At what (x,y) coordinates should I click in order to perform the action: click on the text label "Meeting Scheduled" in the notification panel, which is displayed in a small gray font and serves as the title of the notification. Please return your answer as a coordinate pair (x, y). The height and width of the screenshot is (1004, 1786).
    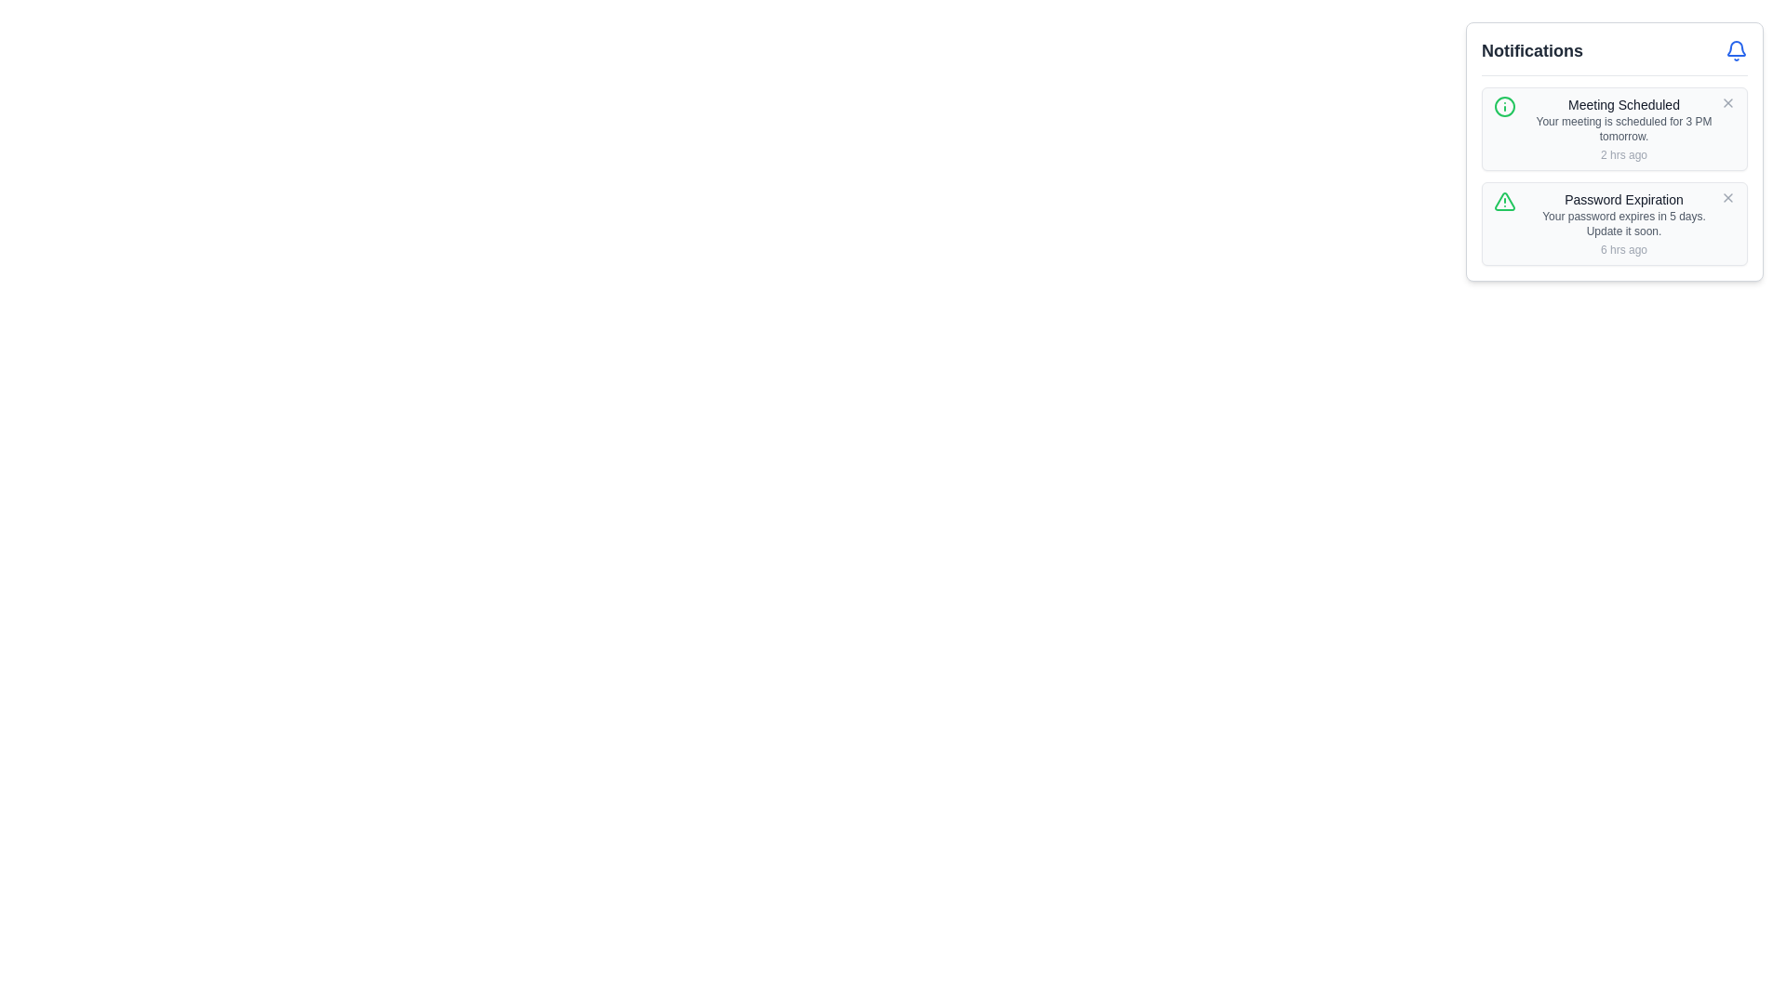
    Looking at the image, I should click on (1623, 104).